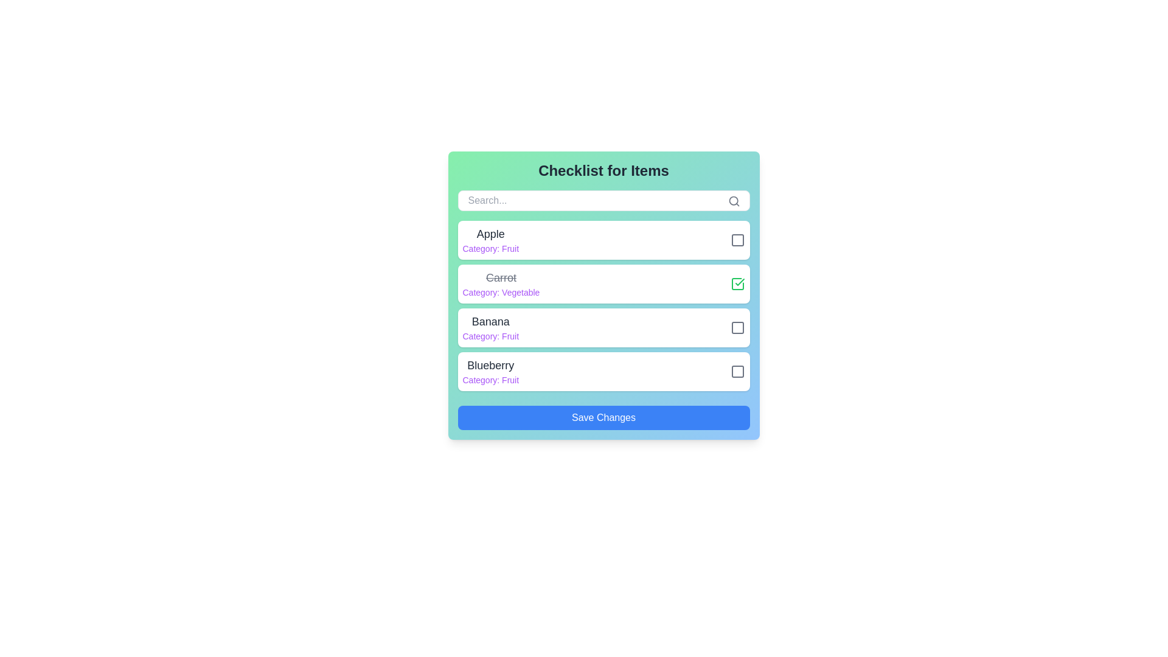 The image size is (1168, 657). I want to click on 'Save Changes' button to save the current state of the checklist, so click(603, 417).